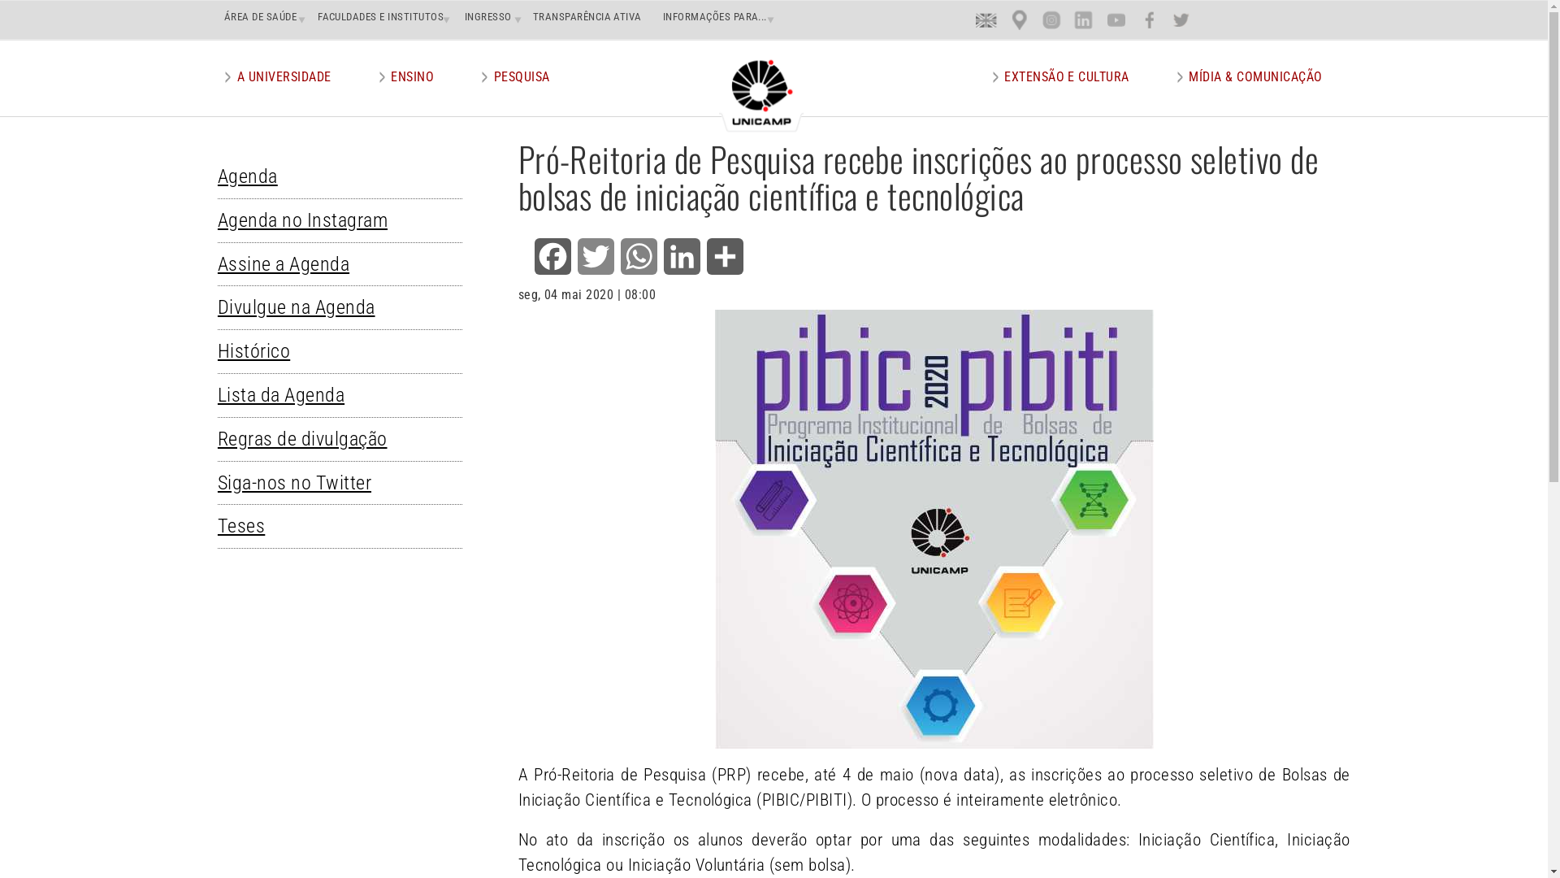 The width and height of the screenshot is (1560, 878). Describe the element at coordinates (483, 16) in the screenshot. I see `'INGRESSO'` at that location.